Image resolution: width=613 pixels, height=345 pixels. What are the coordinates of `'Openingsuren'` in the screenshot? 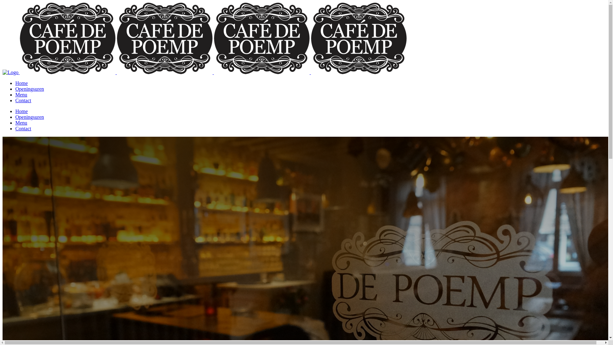 It's located at (29, 89).